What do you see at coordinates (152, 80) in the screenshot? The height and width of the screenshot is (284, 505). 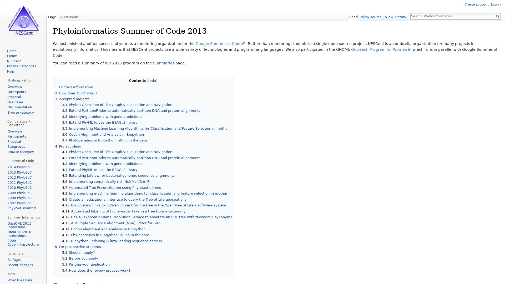 I see `hide` at bounding box center [152, 80].